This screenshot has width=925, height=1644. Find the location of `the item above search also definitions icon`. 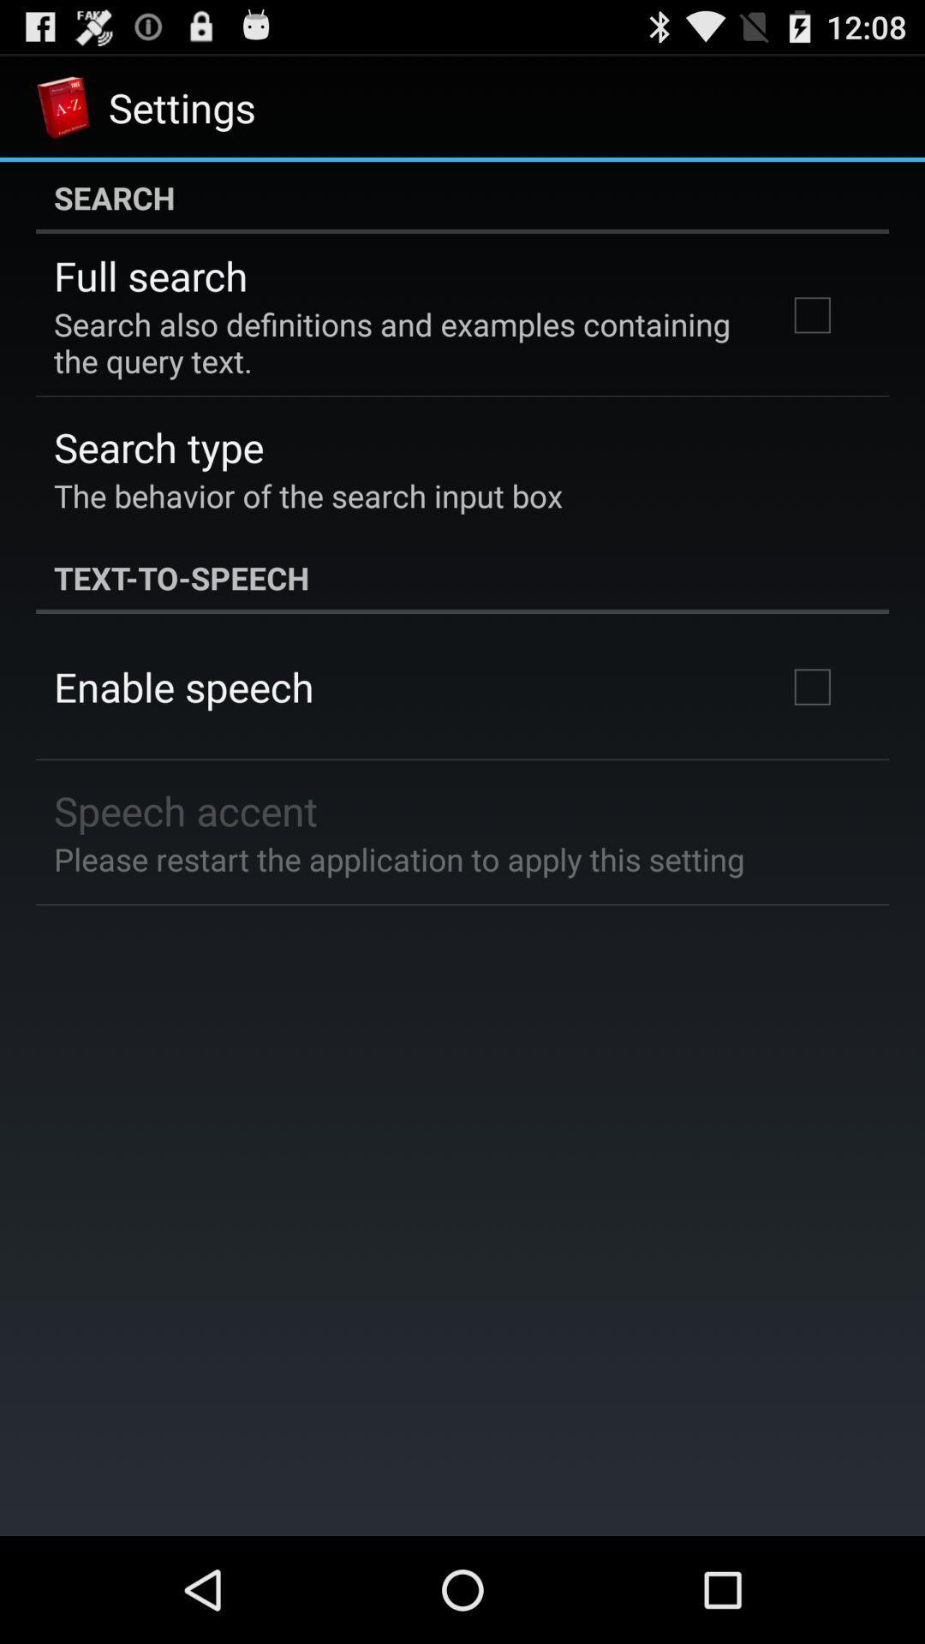

the item above search also definitions icon is located at coordinates (150, 276).